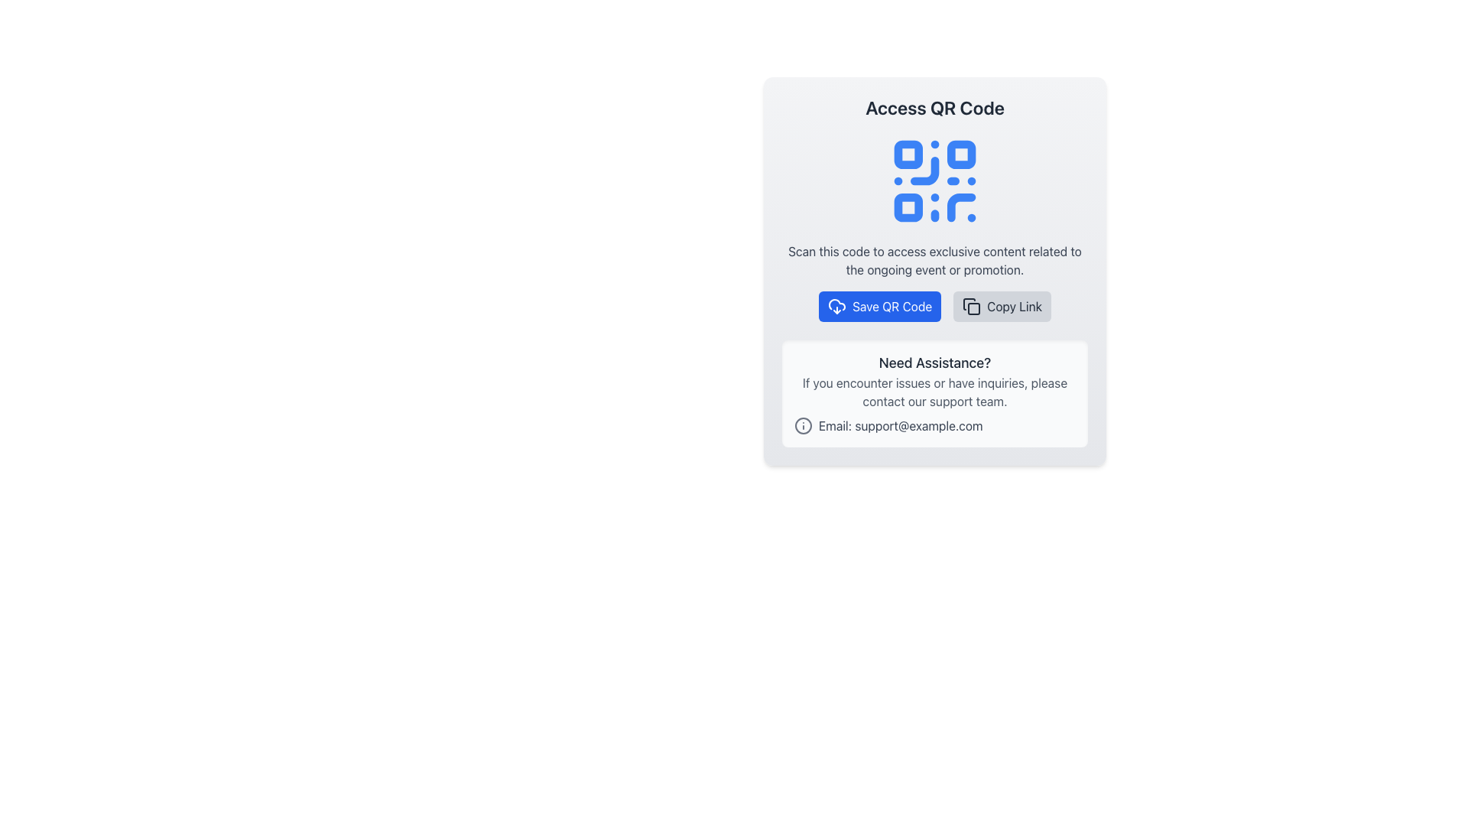 Image resolution: width=1468 pixels, height=826 pixels. Describe the element at coordinates (934, 307) in the screenshot. I see `the save QR code button located to the left of the 'Copy Link' button, which initiates a download process for saving QR codes` at that location.